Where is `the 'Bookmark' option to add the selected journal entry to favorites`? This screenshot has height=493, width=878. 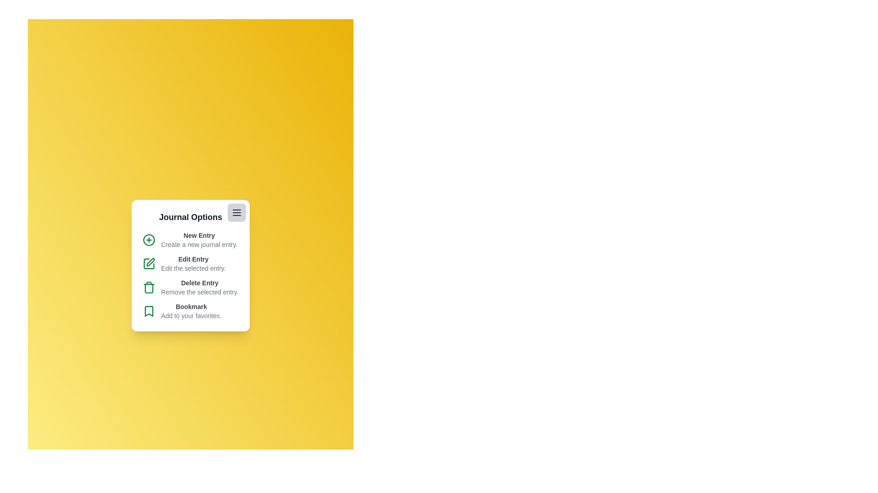
the 'Bookmark' option to add the selected journal entry to favorites is located at coordinates (190, 311).